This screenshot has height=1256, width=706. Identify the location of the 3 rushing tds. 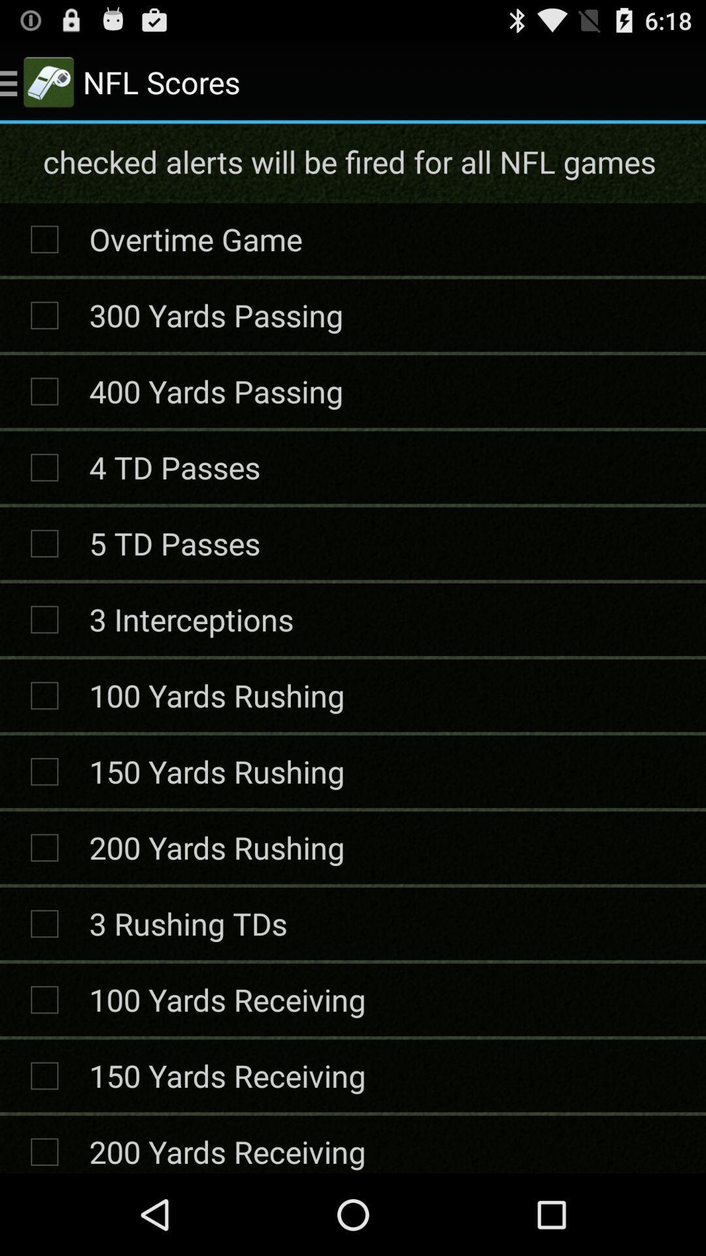
(188, 922).